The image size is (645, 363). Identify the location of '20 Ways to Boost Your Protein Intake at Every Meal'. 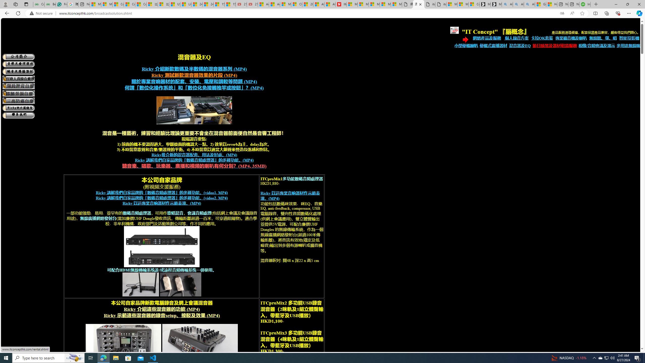
(307, 4).